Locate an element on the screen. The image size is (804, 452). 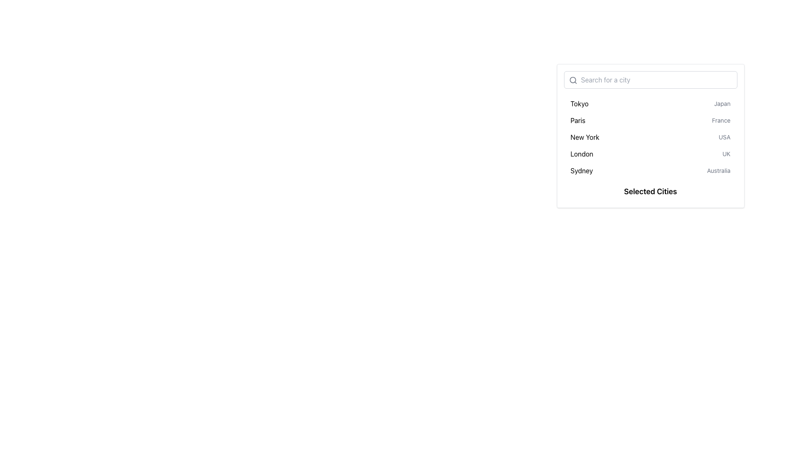
the contextual text label indicating the country 'Japan' associated with the city 'Tokyo', located in the first row of the list is located at coordinates (722, 103).